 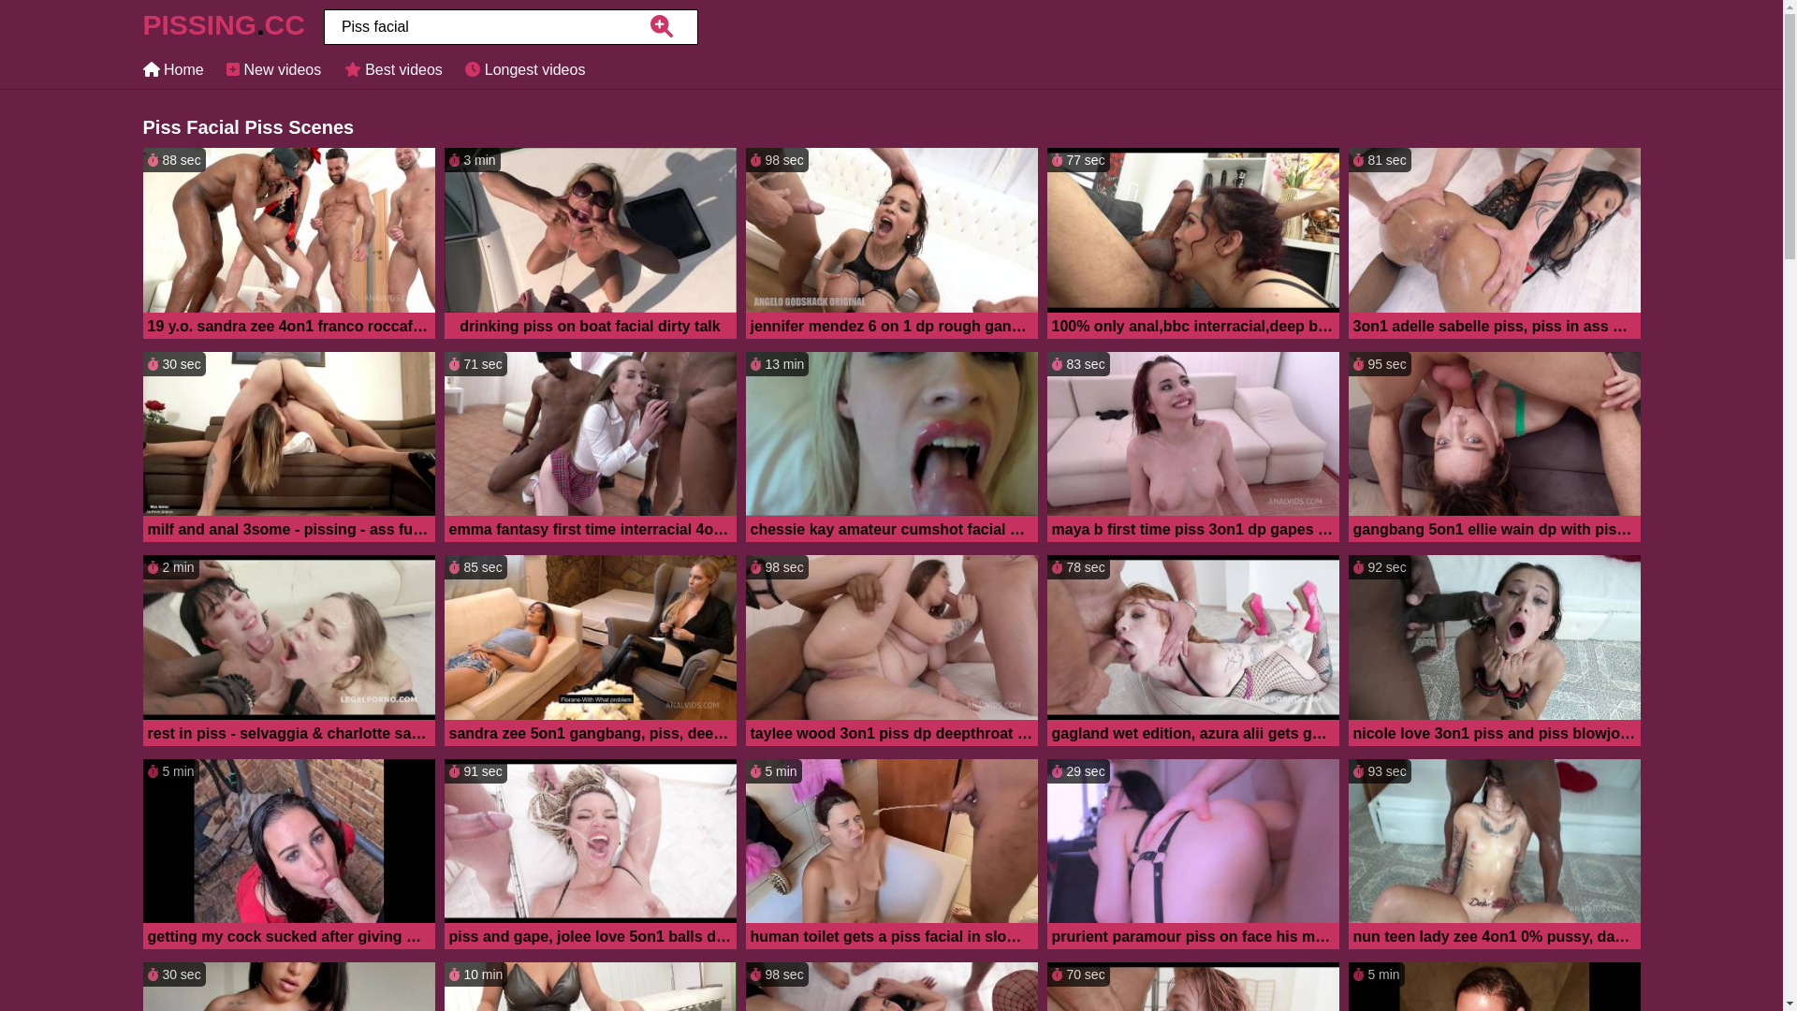 I want to click on '5 min, so click(x=889, y=856).